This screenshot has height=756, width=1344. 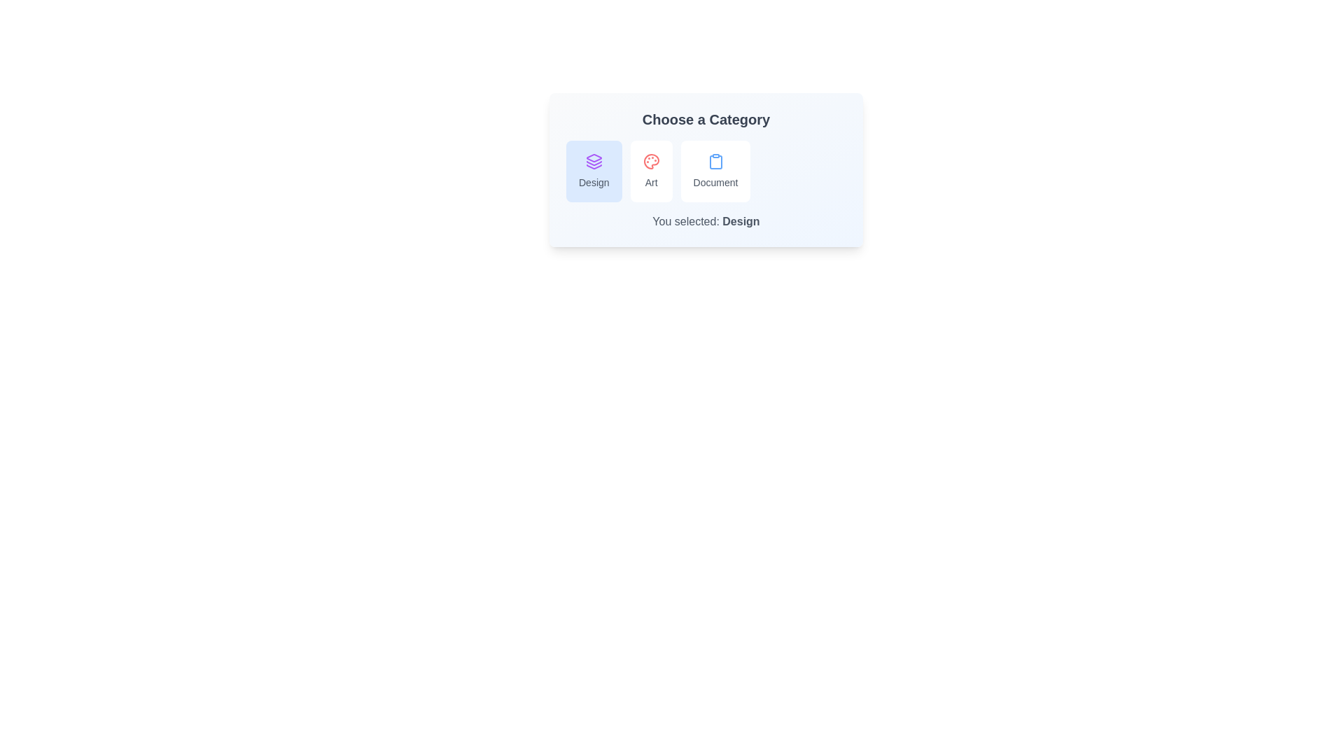 I want to click on the Design chip to observe its hover effect, so click(x=594, y=171).